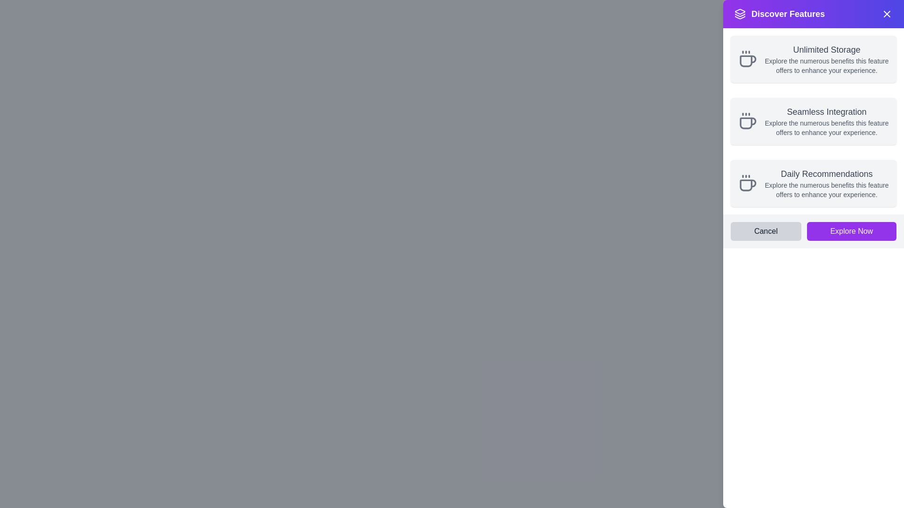 This screenshot has height=508, width=904. What do you see at coordinates (826, 49) in the screenshot?
I see `the static text label displaying 'Unlimited Storage', which is positioned below the heading 'Discover Features' and aligned to the right of an icon resembling a stack of aligned elements` at bounding box center [826, 49].